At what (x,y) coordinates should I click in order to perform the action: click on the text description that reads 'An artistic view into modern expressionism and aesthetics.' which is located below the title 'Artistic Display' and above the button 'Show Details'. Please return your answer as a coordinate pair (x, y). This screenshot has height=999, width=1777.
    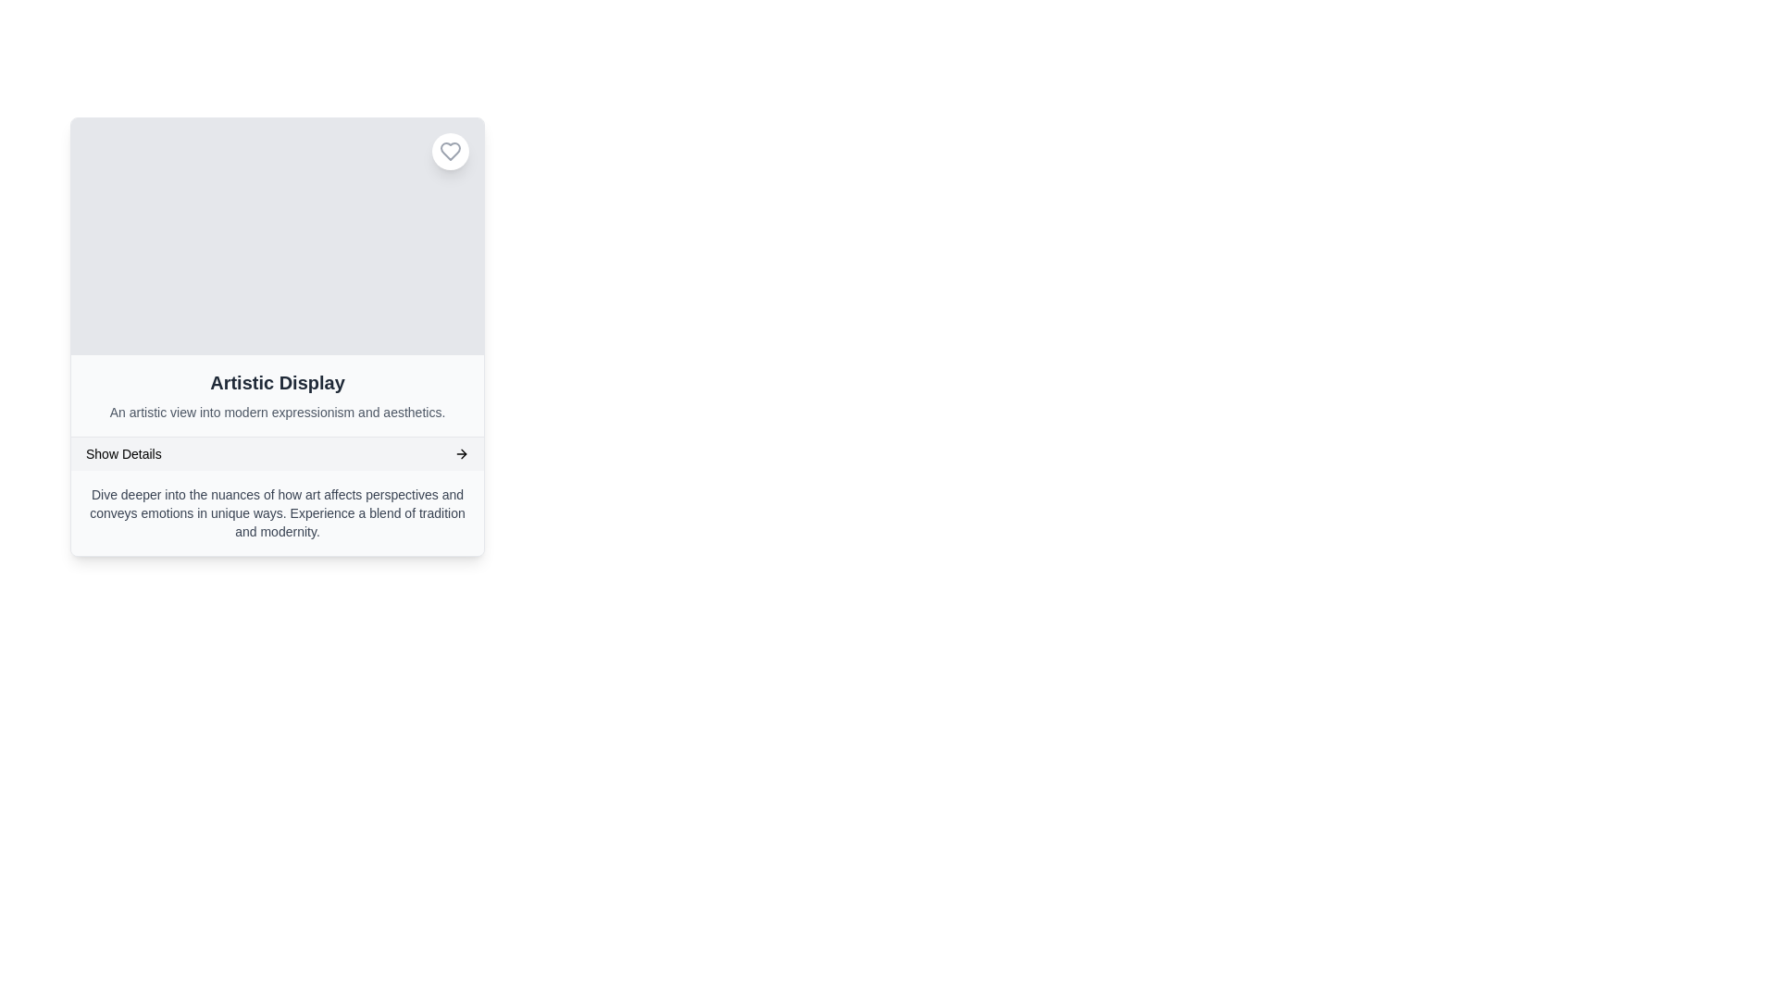
    Looking at the image, I should click on (276, 412).